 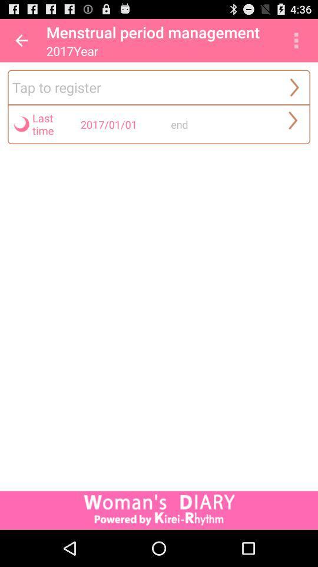 What do you see at coordinates (21, 40) in the screenshot?
I see `app next to the menstrual period management app` at bounding box center [21, 40].